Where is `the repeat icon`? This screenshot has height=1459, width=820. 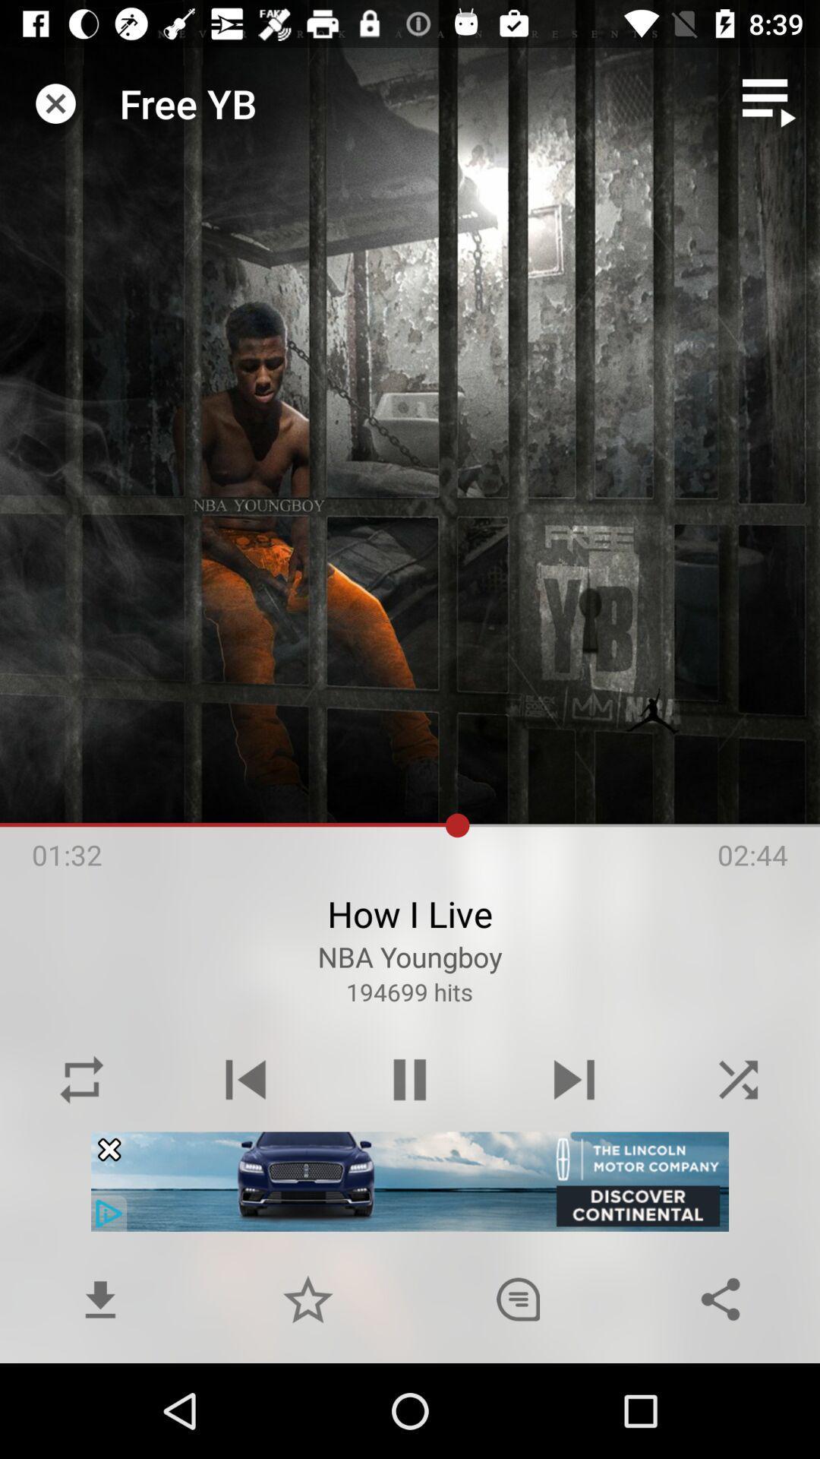 the repeat icon is located at coordinates (82, 1079).